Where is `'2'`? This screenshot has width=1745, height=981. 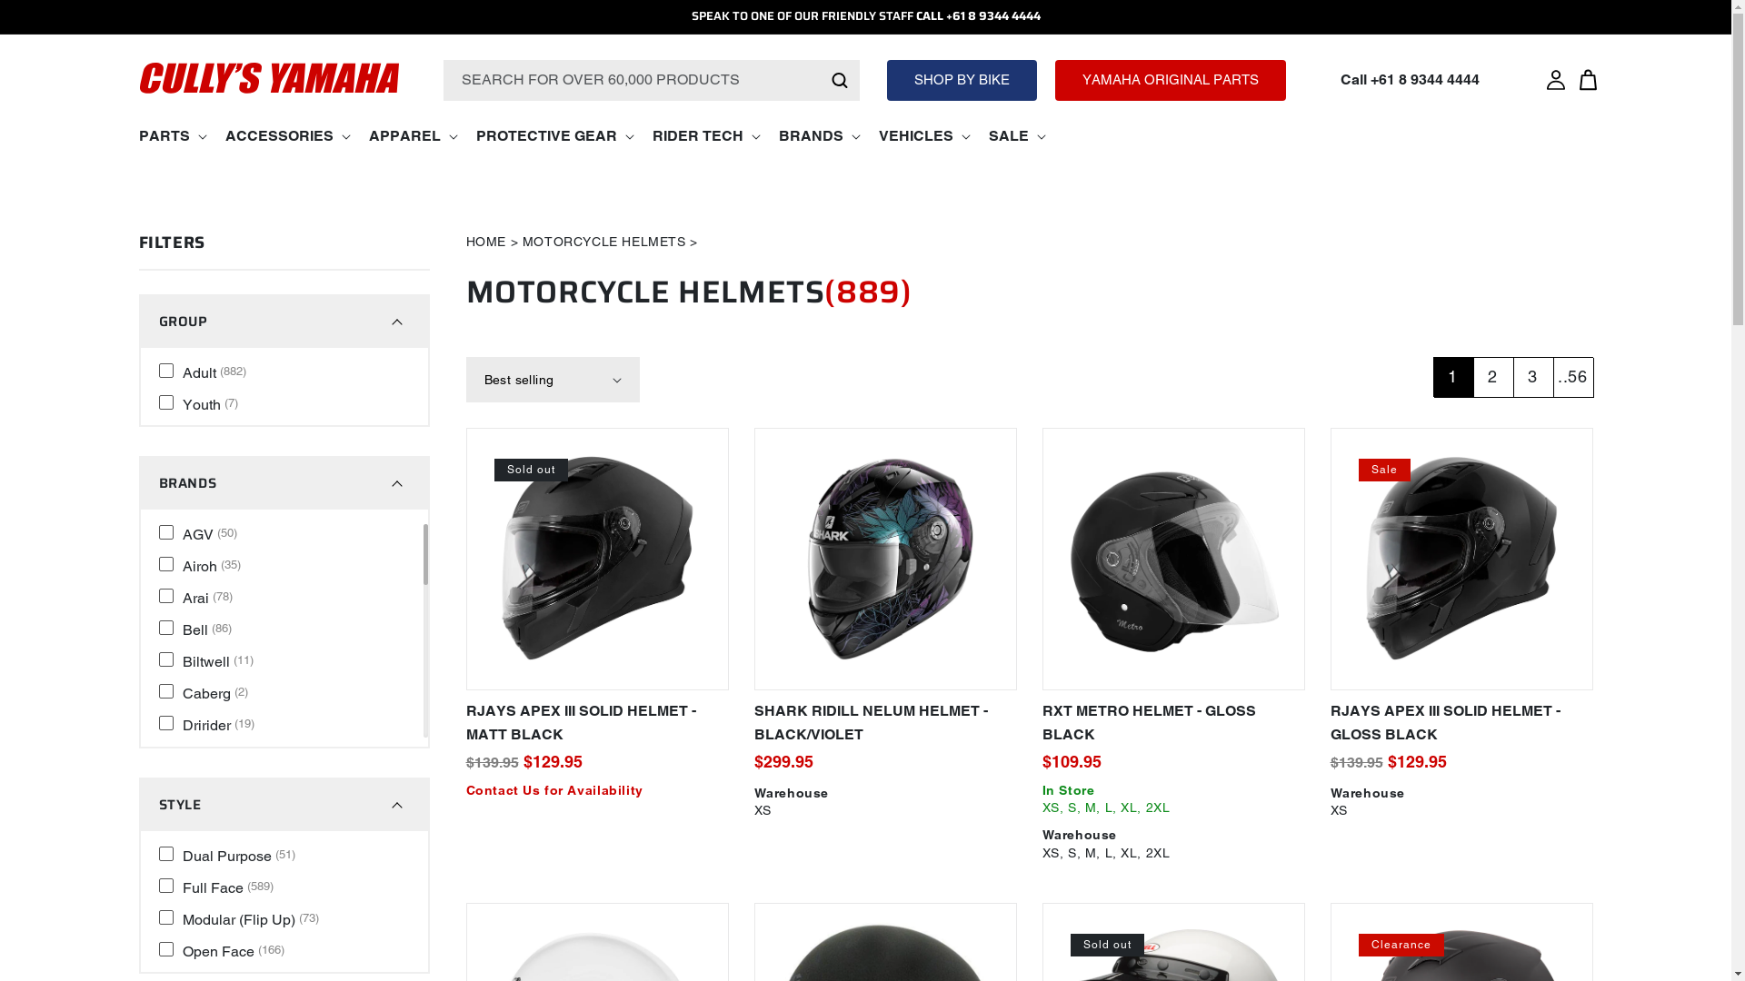
'2' is located at coordinates (1491, 376).